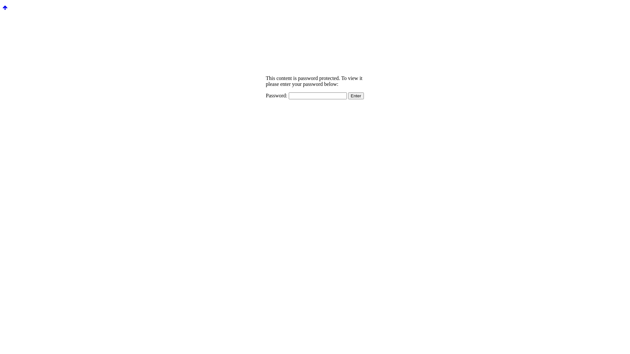  Describe the element at coordinates (355, 96) in the screenshot. I see `'Enter'` at that location.